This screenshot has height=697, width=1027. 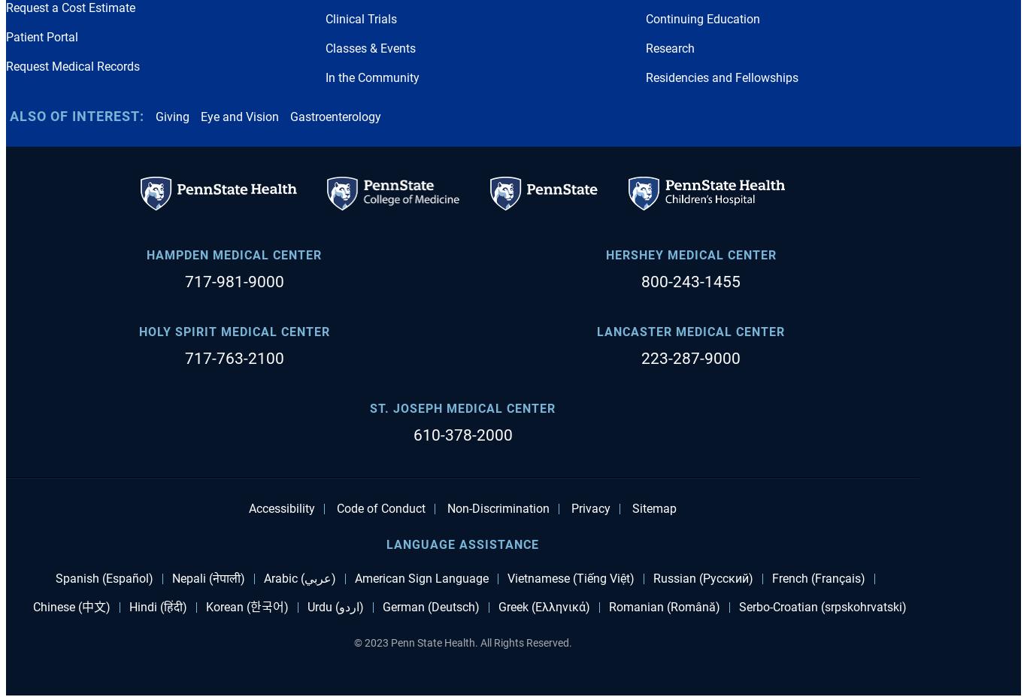 What do you see at coordinates (156, 606) in the screenshot?
I see `'Hindi (हिंदी)'` at bounding box center [156, 606].